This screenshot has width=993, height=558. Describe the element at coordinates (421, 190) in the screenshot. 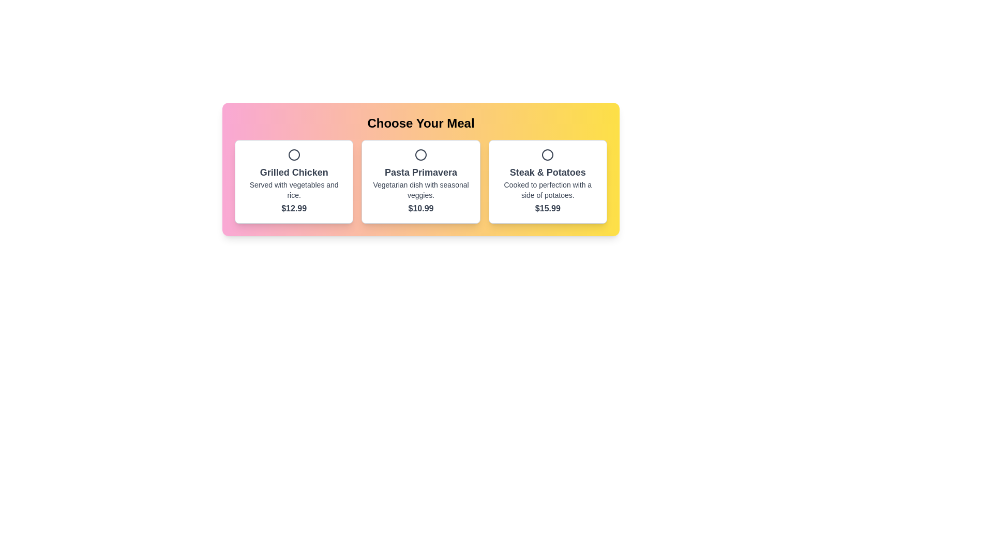

I see `the label for the middle option in the menu selection interface` at that location.